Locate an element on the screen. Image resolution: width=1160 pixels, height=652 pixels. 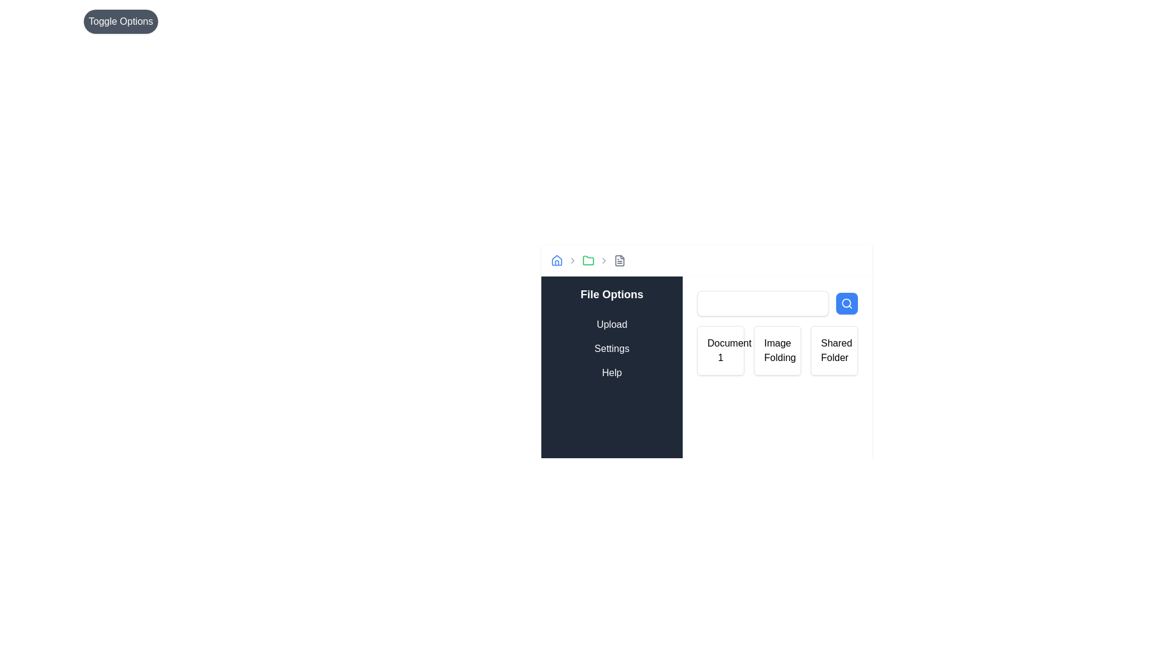
the 'Settings' button located in the sidebar, which is the second option in a vertical list of three buttons ('Upload', 'Settings', 'Help') is located at coordinates (611, 349).